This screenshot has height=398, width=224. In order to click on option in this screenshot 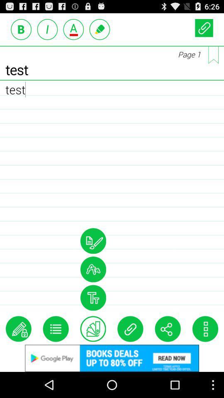, I will do `click(93, 241)`.